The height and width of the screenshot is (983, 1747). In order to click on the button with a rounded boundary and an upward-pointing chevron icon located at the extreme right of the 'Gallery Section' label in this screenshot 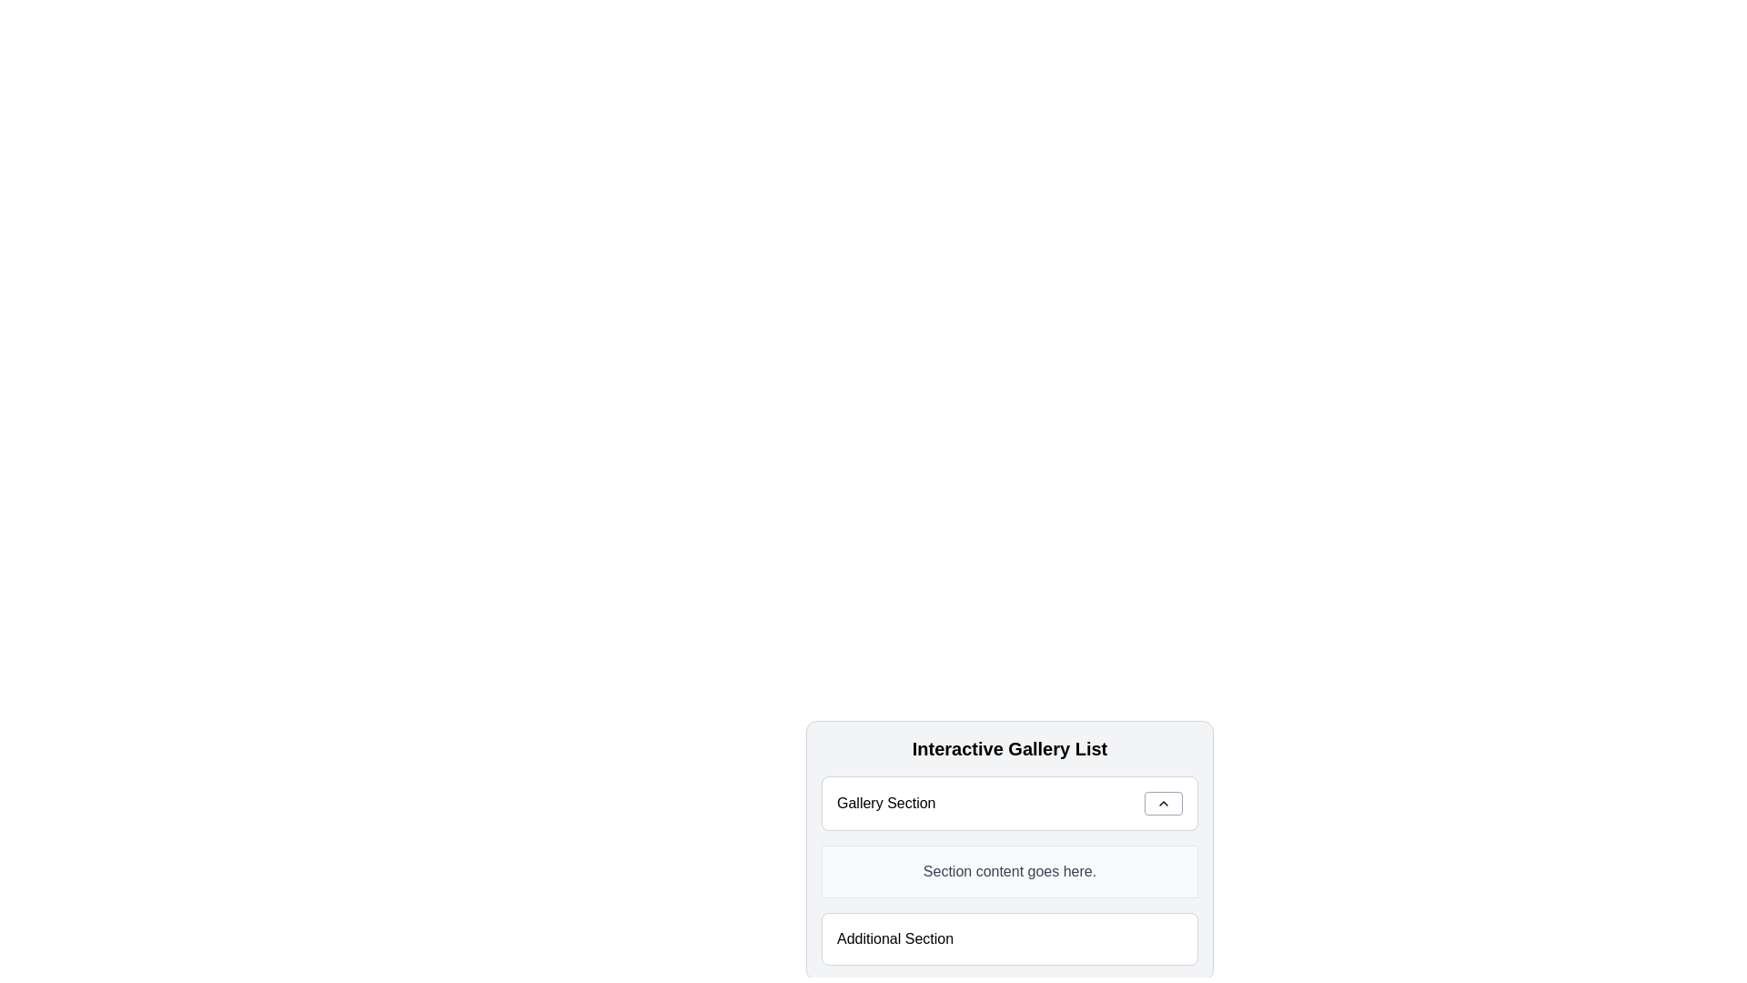, I will do `click(1162, 803)`.